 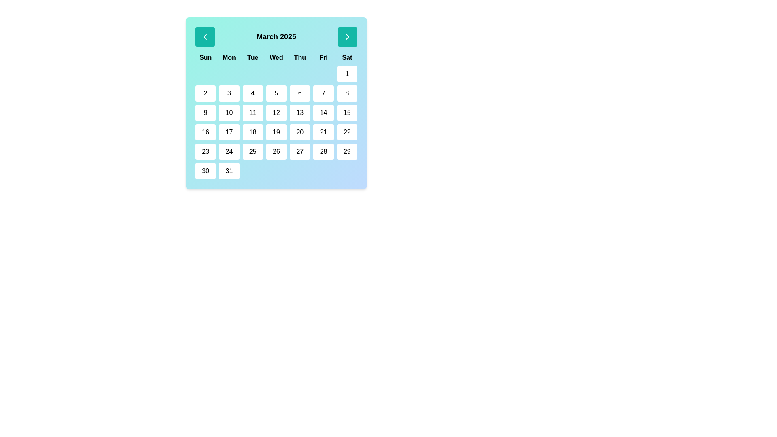 What do you see at coordinates (347, 132) in the screenshot?
I see `the selectable button representing the date '22' in the calendar grid for March 2025, located under the 'Saturday' column` at bounding box center [347, 132].